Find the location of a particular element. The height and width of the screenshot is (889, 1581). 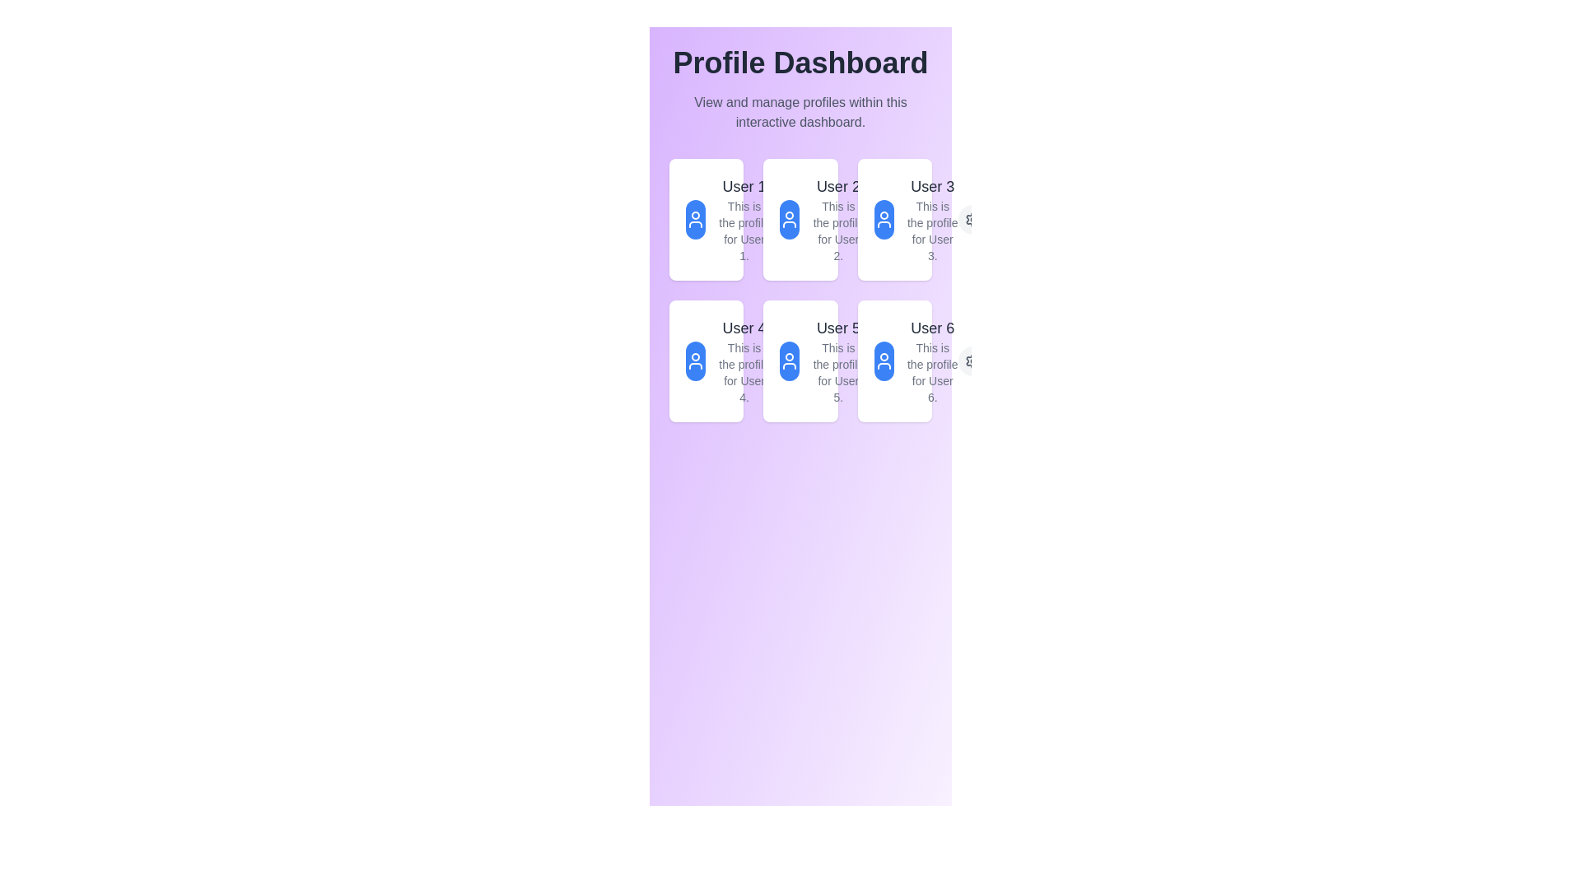

the user profile card for 'User 6' which features a blue circular figure with a user icon and two lines of text, located in the bottom-right corner of the 'Profile Dashboard' grid is located at coordinates (893, 361).